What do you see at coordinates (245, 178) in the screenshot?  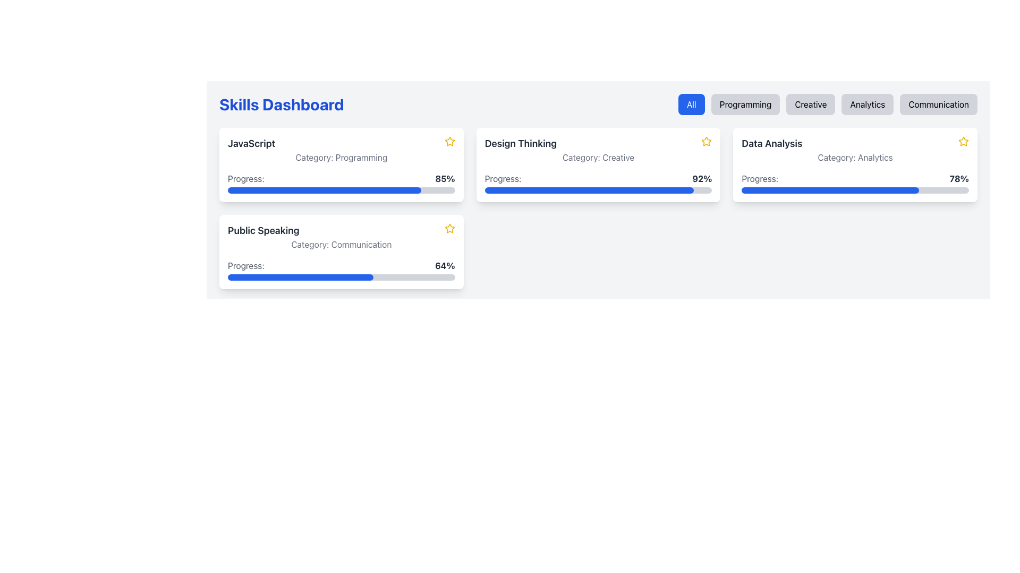 I see `the text label displaying 'Progress:' in gray font, located within the 'JavaScript' skill card in the 'Skills Dashboard'` at bounding box center [245, 178].